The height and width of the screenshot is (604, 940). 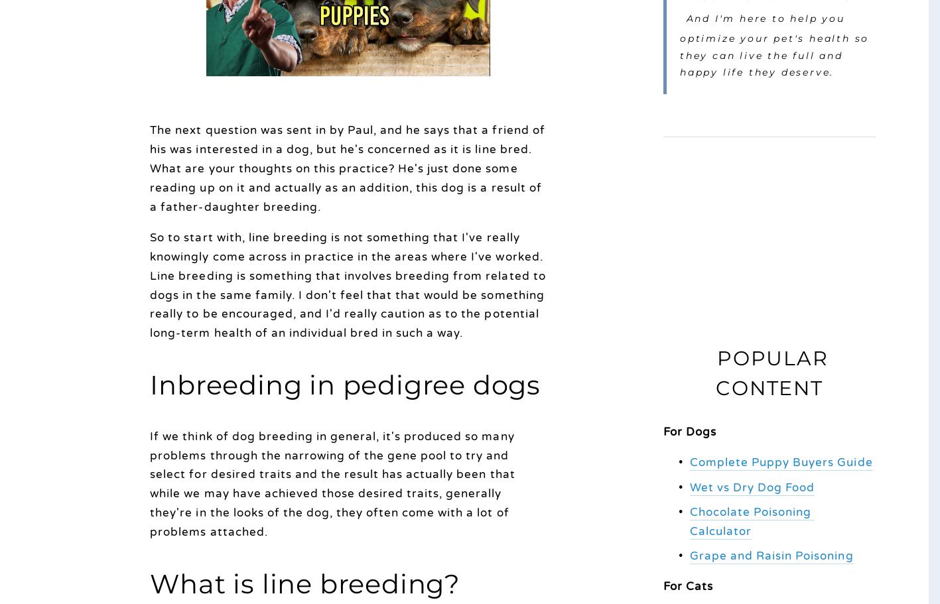 What do you see at coordinates (752, 487) in the screenshot?
I see `'Wet vs Dry Dog Food'` at bounding box center [752, 487].